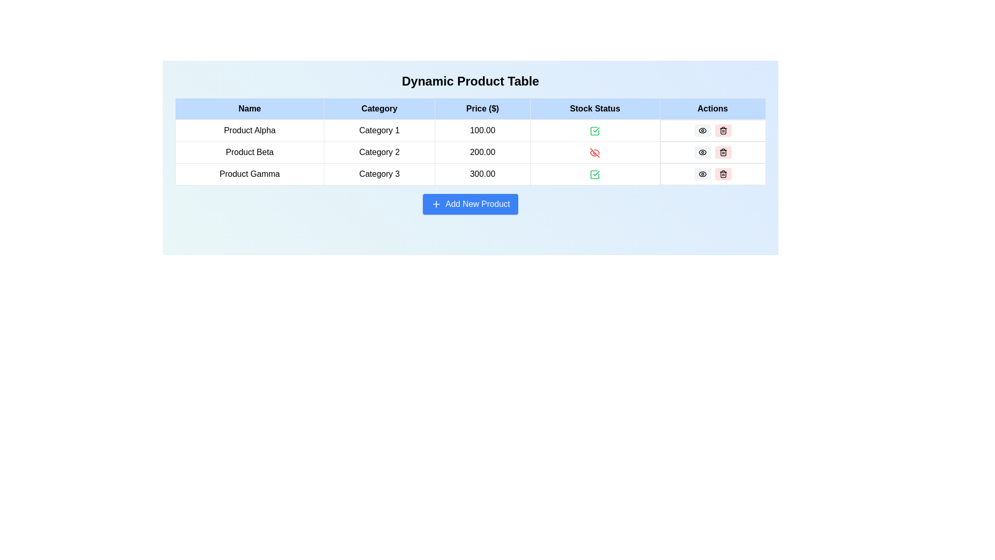  What do you see at coordinates (482, 152) in the screenshot?
I see `the static text display that shows the monetary price '200.00', located in the third column of the second row of a table` at bounding box center [482, 152].